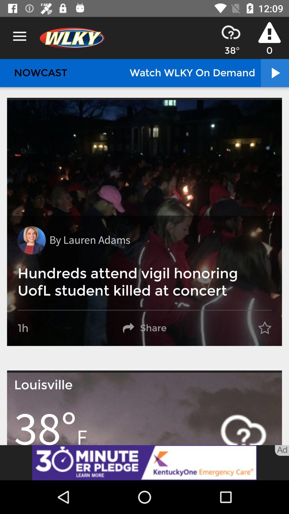 Image resolution: width=289 pixels, height=514 pixels. What do you see at coordinates (265, 328) in the screenshot?
I see `the star mark right to share` at bounding box center [265, 328].